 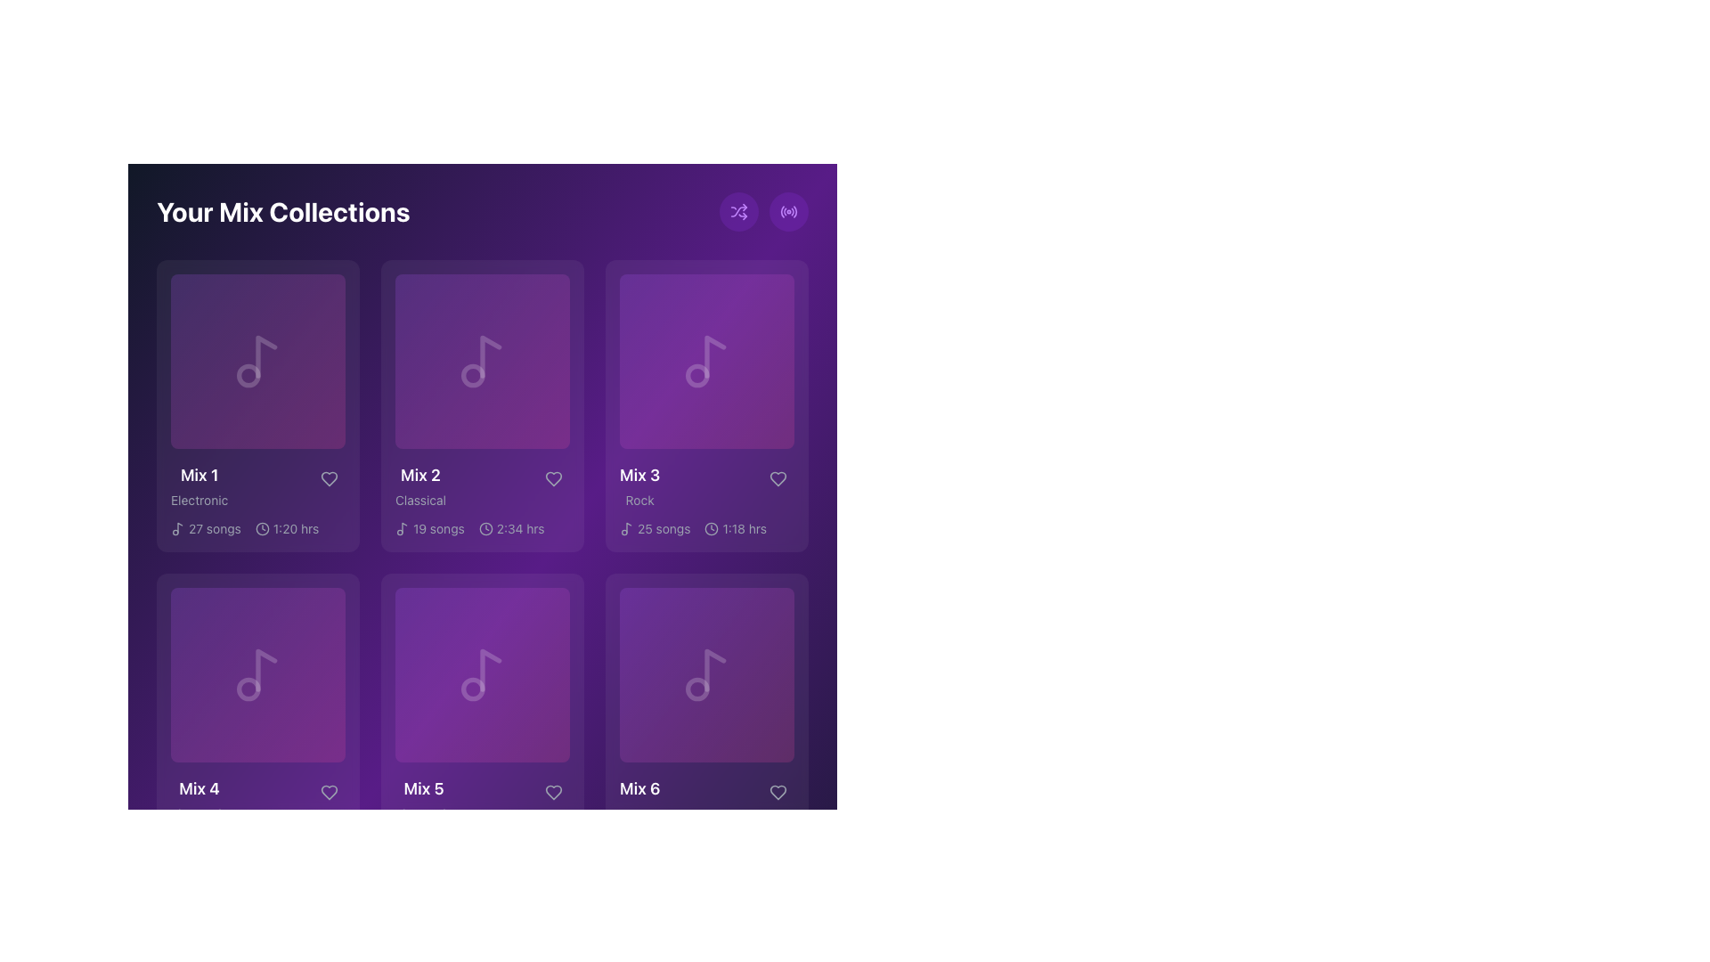 What do you see at coordinates (705, 405) in the screenshot?
I see `the Playlist Card with a purple background and the title 'Mix 3', located in the grid layout` at bounding box center [705, 405].